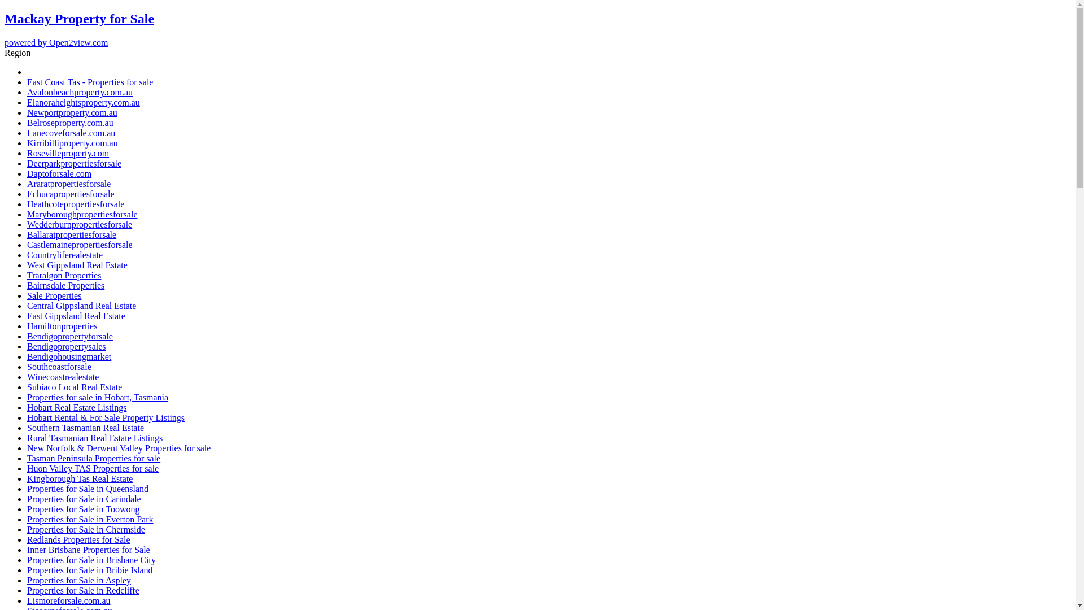 Image resolution: width=1084 pixels, height=610 pixels. What do you see at coordinates (27, 356) in the screenshot?
I see `'Bendigohousingmarket'` at bounding box center [27, 356].